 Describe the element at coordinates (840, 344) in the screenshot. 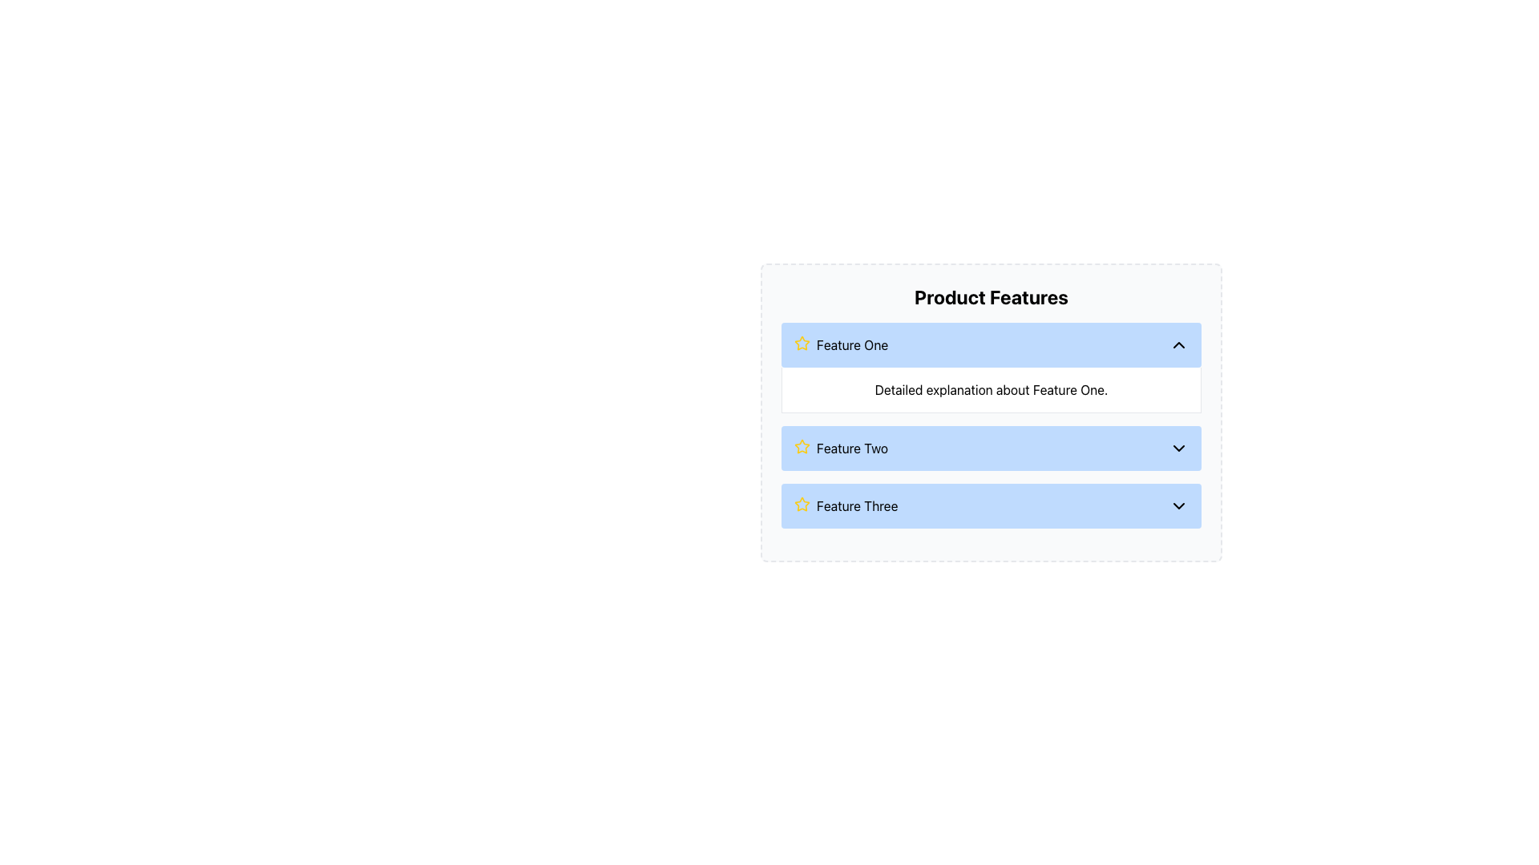

I see `the label with an icon located in the top-left corner of the blue bar titled 'Feature One', which is part of the product features panel` at that location.